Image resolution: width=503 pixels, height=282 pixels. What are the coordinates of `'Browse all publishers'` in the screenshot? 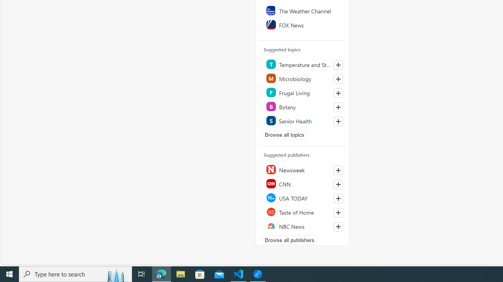 It's located at (289, 240).